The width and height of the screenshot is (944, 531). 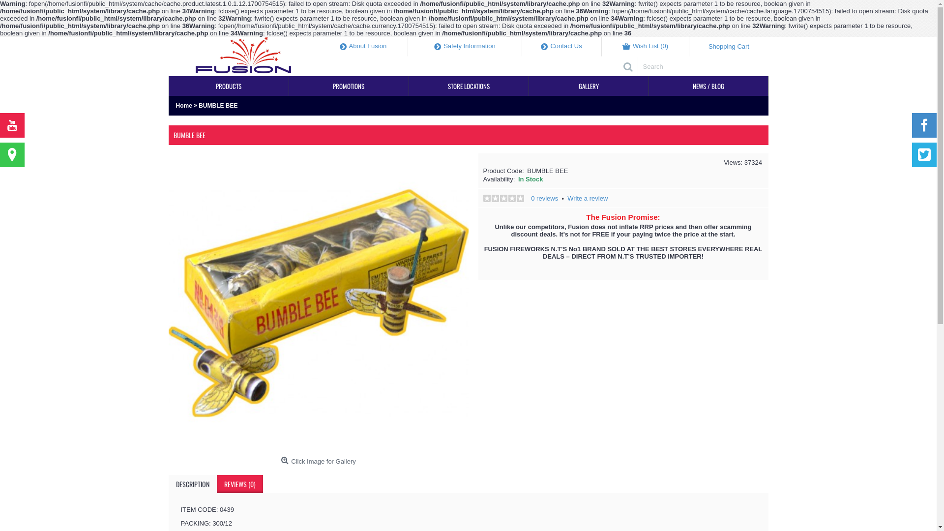 I want to click on 'Fusion Fireworks', so click(x=243, y=57).